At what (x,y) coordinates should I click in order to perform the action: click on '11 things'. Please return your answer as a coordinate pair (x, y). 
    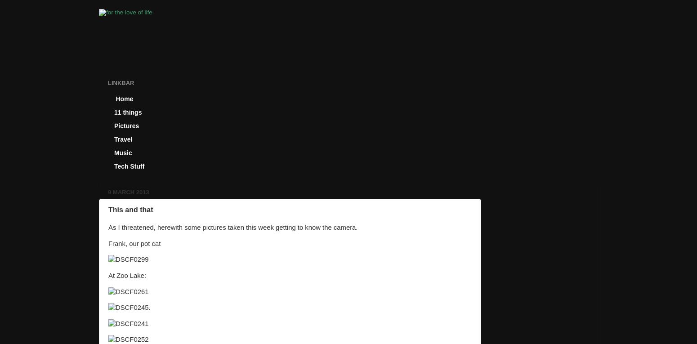
    Looking at the image, I should click on (128, 112).